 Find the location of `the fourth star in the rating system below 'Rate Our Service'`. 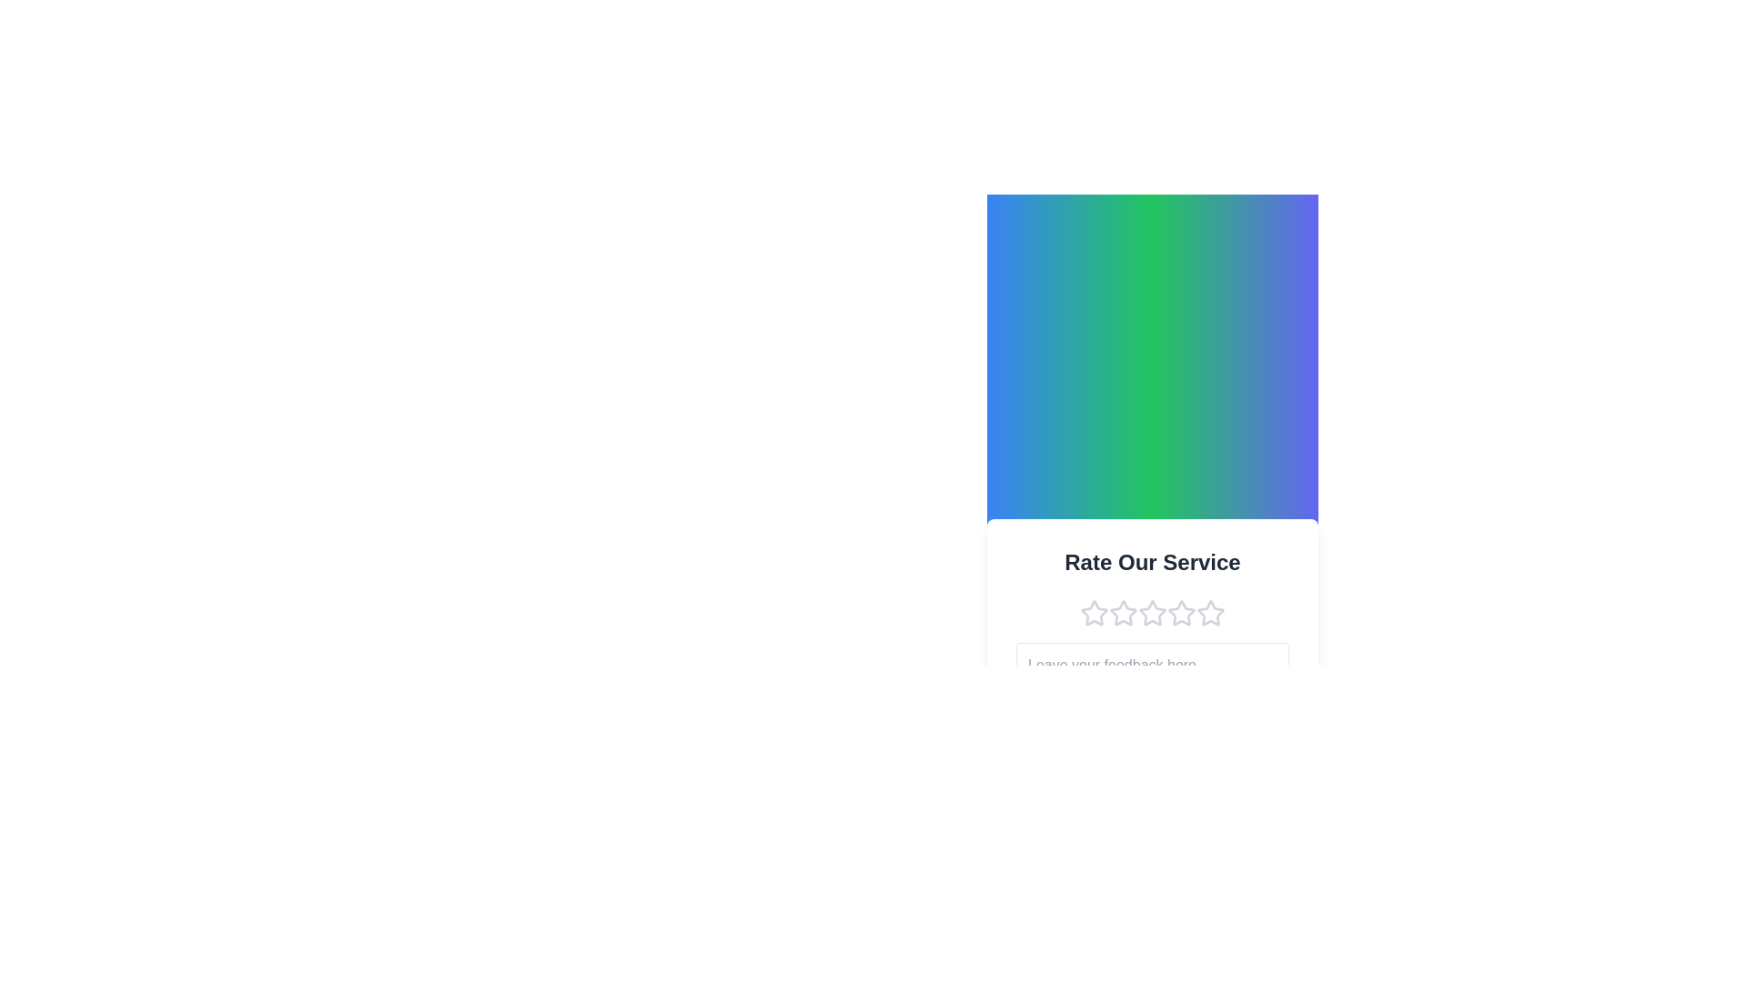

the fourth star in the rating system below 'Rate Our Service' is located at coordinates (1182, 613).